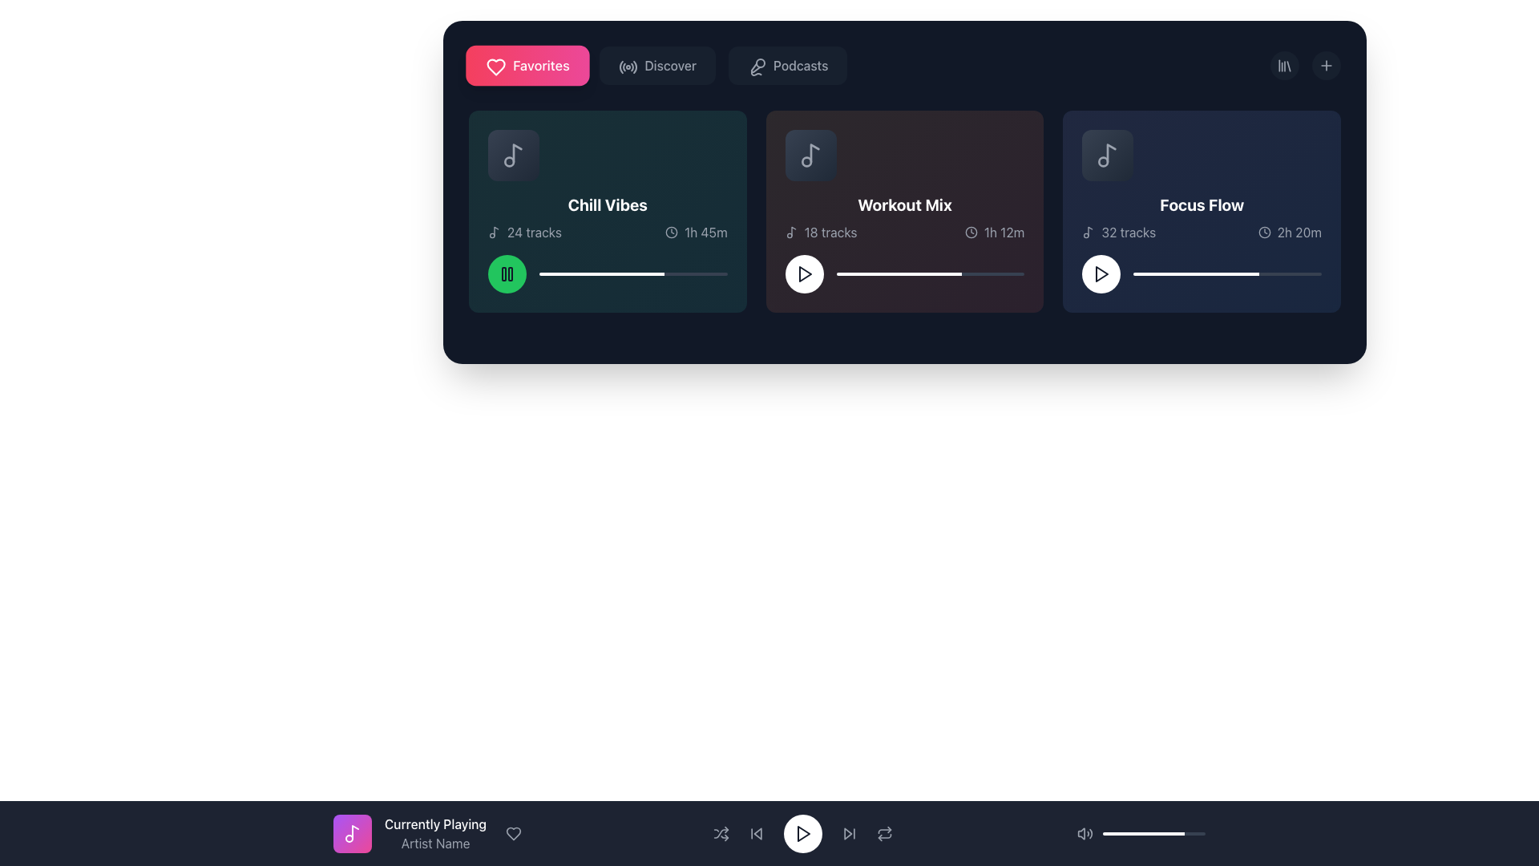 This screenshot has width=1539, height=866. What do you see at coordinates (1327, 64) in the screenshot?
I see `the 'add' button located at the top-right corner of the 'Focus Flow' card` at bounding box center [1327, 64].